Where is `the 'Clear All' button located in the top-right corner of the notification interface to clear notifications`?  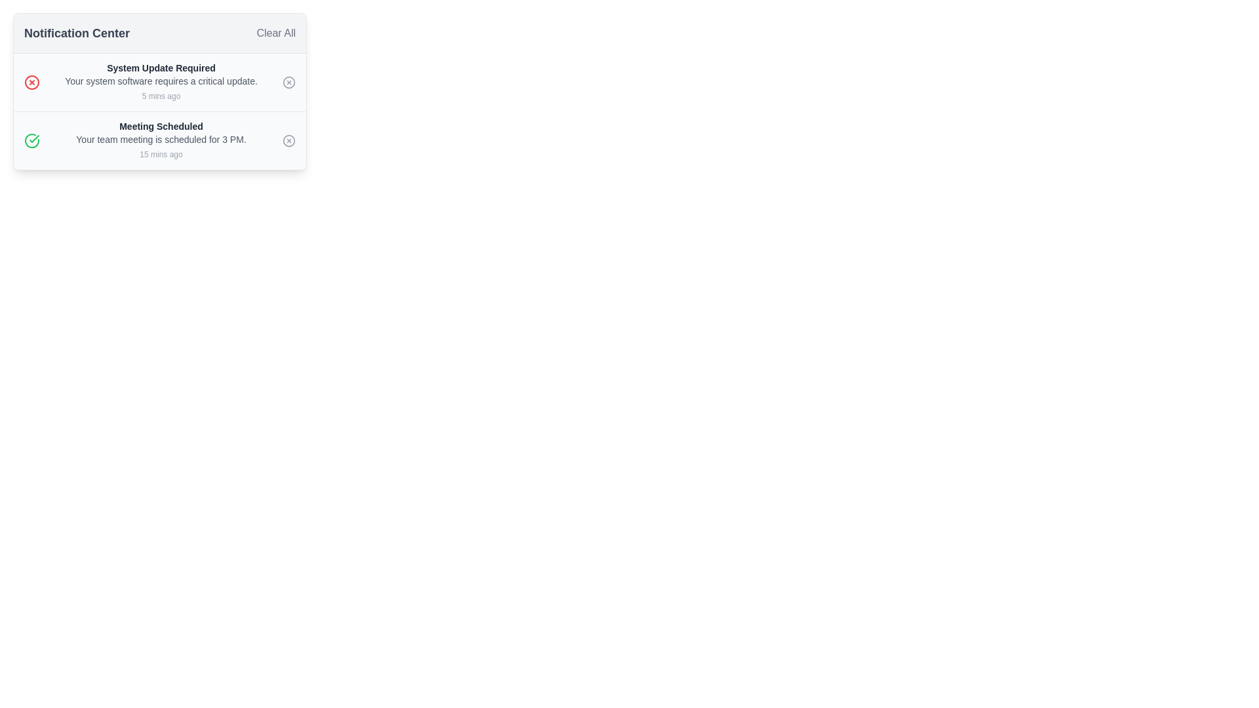
the 'Clear All' button located in the top-right corner of the notification interface to clear notifications is located at coordinates (275, 32).